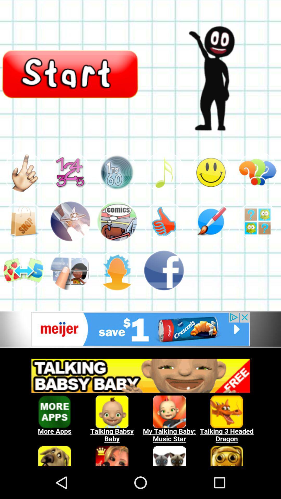 The height and width of the screenshot is (499, 281). Describe the element at coordinates (163, 237) in the screenshot. I see `the thumbs_up icon` at that location.